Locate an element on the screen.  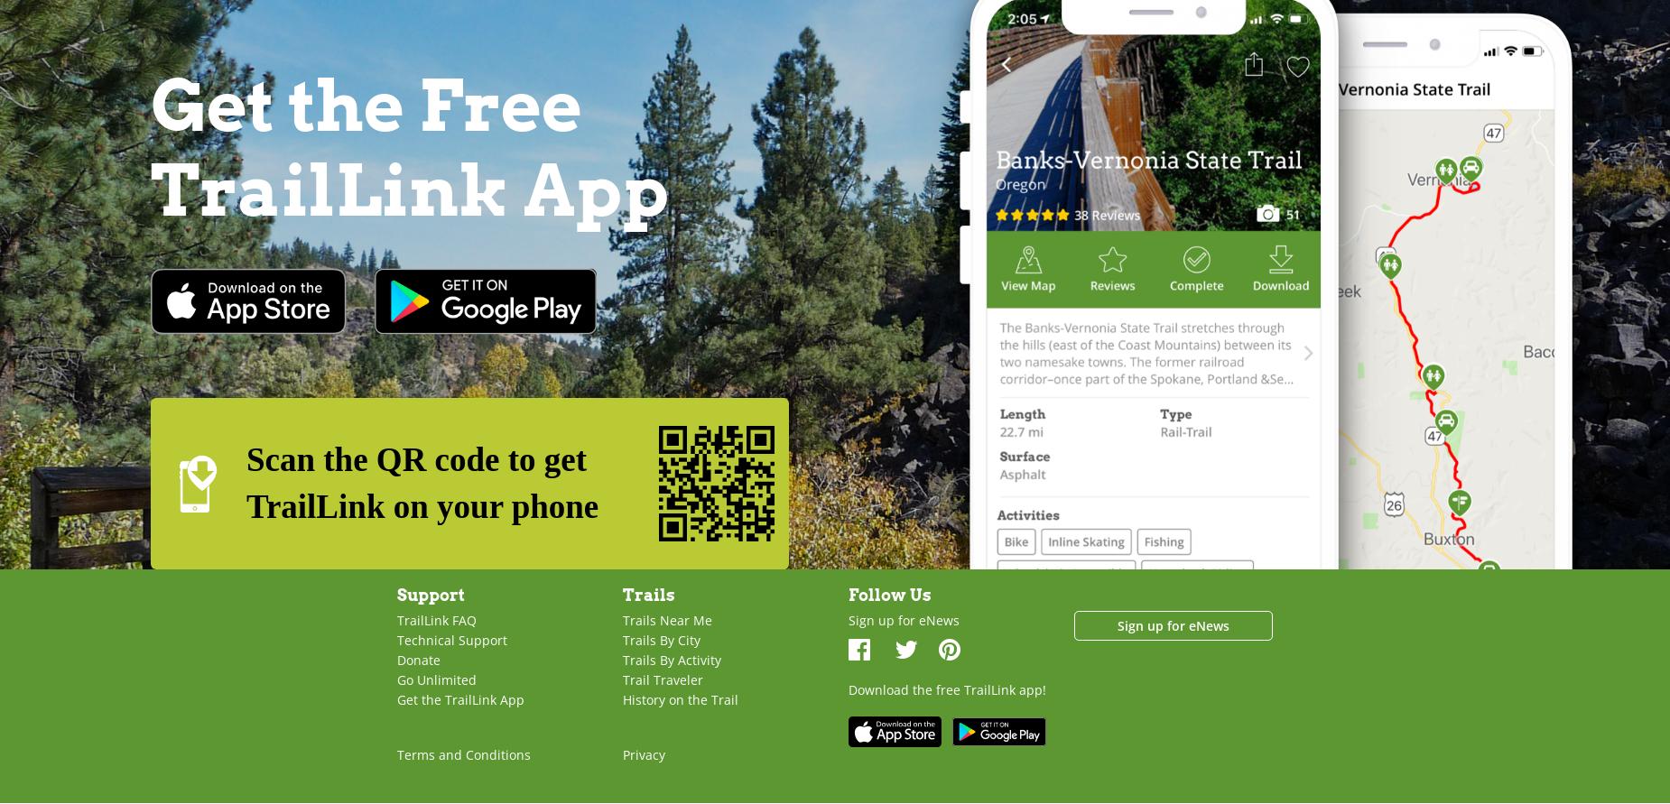
'Go Unlimited' is located at coordinates (436, 679).